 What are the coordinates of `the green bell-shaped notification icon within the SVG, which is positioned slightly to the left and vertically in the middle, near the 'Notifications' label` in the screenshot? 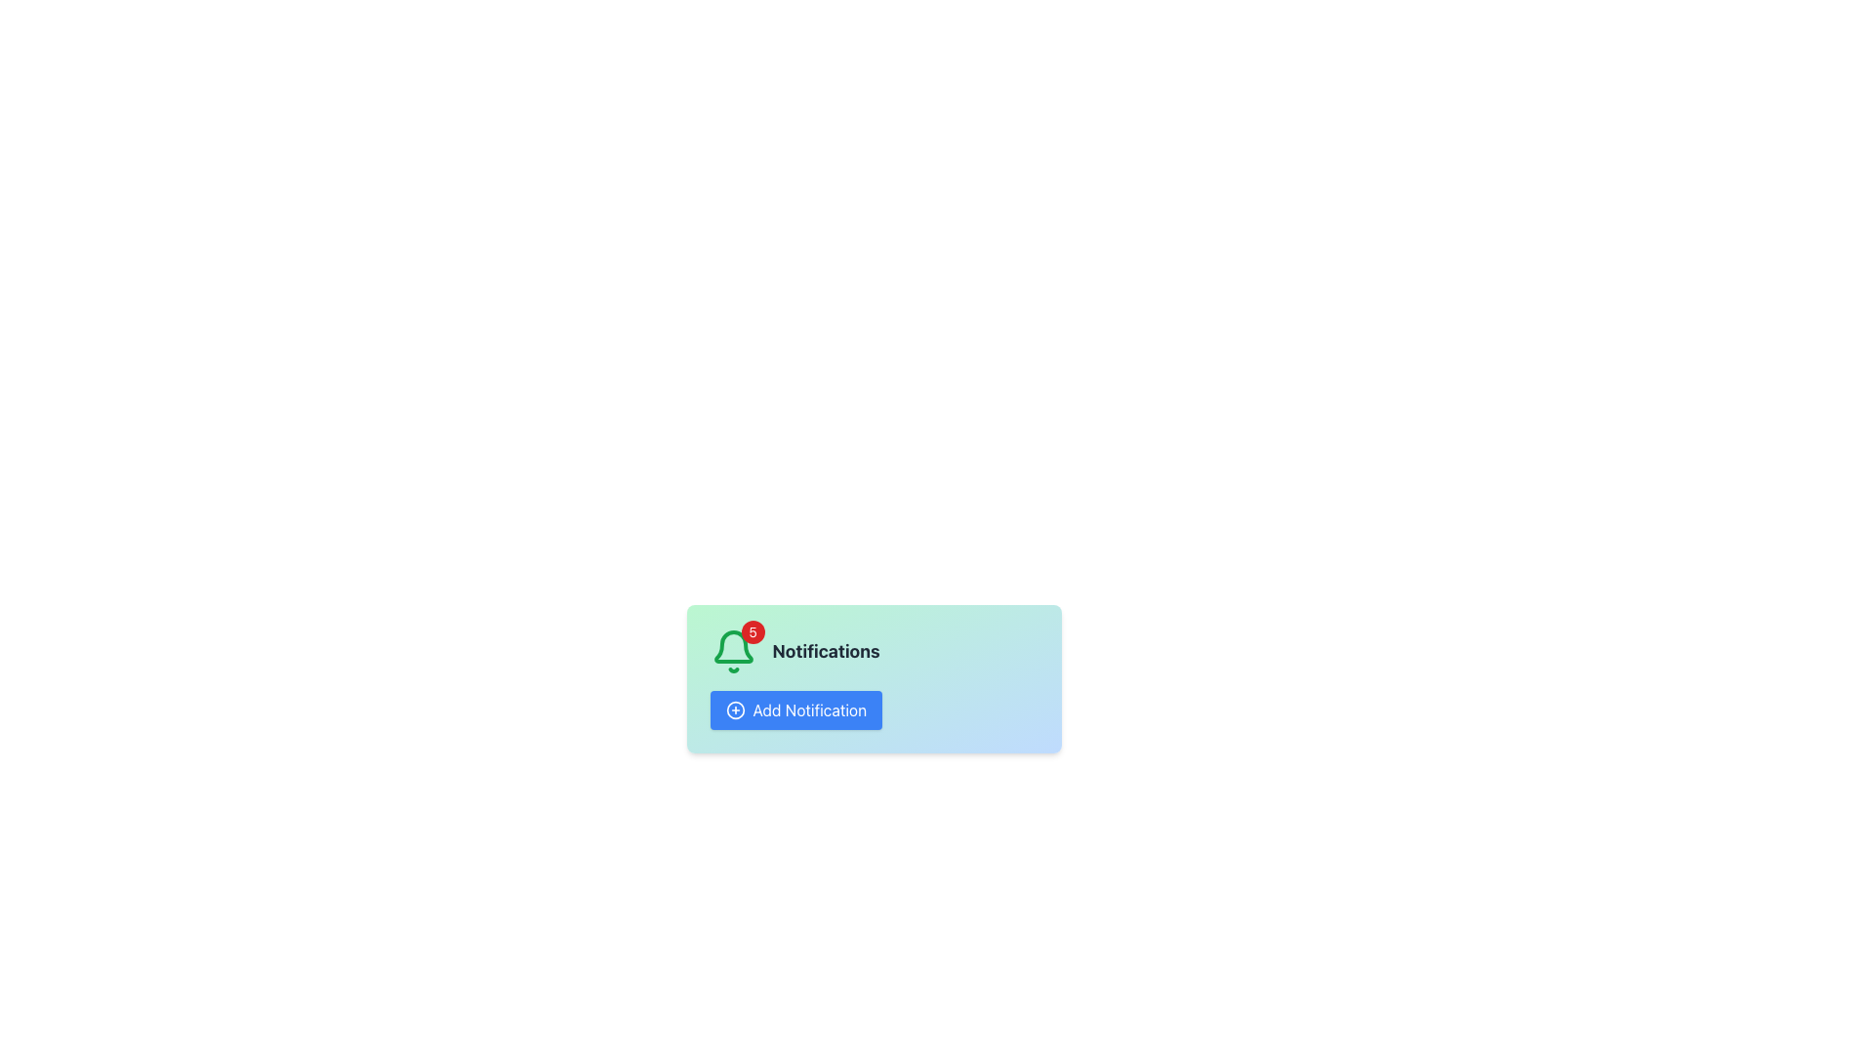 It's located at (732, 647).